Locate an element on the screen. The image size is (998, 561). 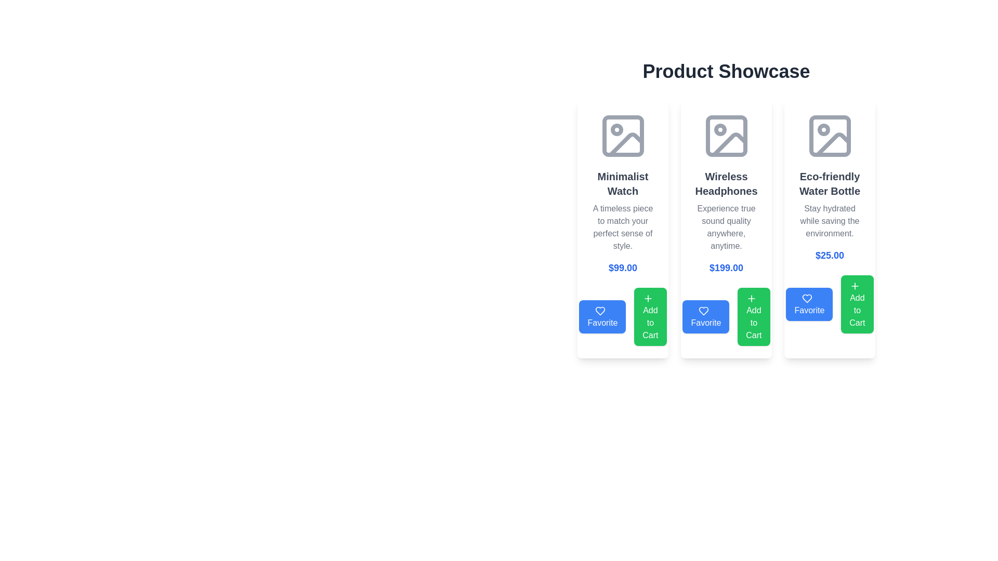
the 'Favorite' button with a blue background and a white heart icon is located at coordinates (706, 316).